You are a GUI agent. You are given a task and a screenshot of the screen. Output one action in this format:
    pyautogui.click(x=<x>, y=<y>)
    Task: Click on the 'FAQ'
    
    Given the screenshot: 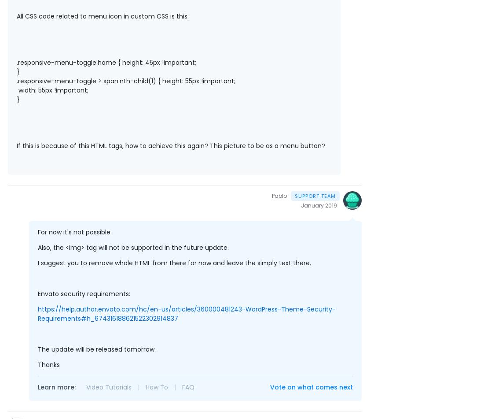 What is the action you would take?
    pyautogui.click(x=188, y=387)
    